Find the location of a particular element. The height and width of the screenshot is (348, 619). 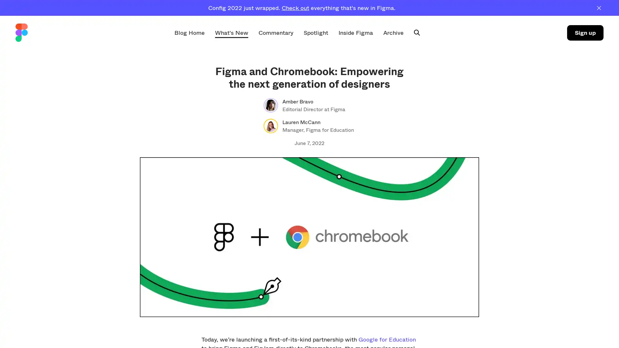

Sign up is located at coordinates (585, 32).